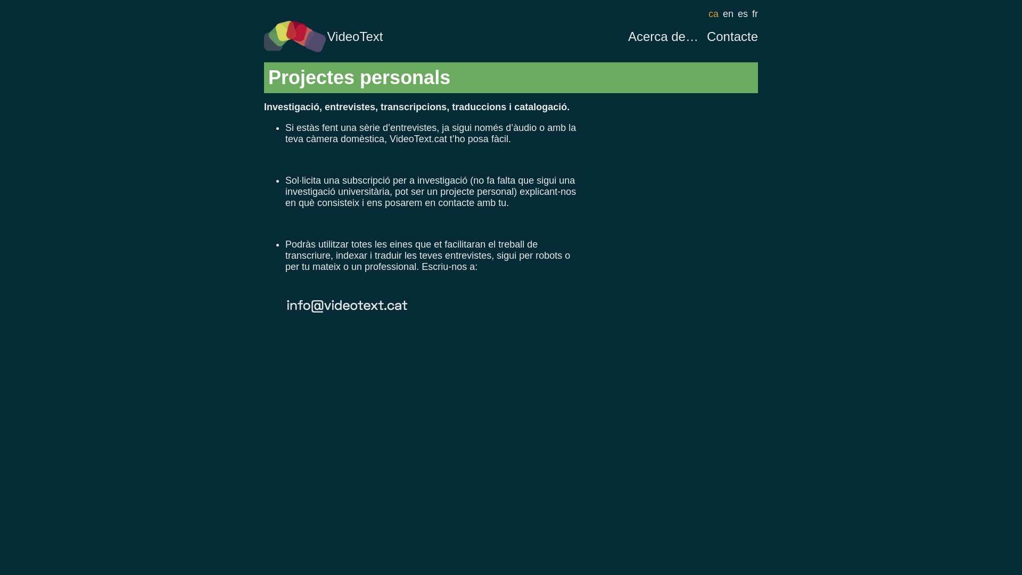 The width and height of the screenshot is (1022, 575). Describe the element at coordinates (323, 36) in the screenshot. I see `'VideoText'` at that location.